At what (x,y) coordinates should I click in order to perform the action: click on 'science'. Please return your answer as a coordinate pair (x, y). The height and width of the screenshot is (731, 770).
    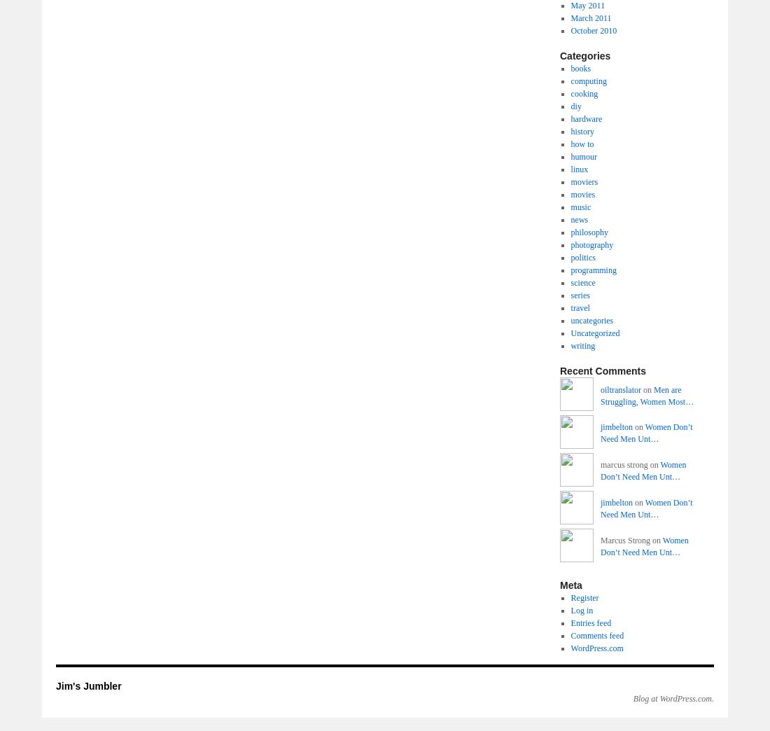
    Looking at the image, I should click on (570, 282).